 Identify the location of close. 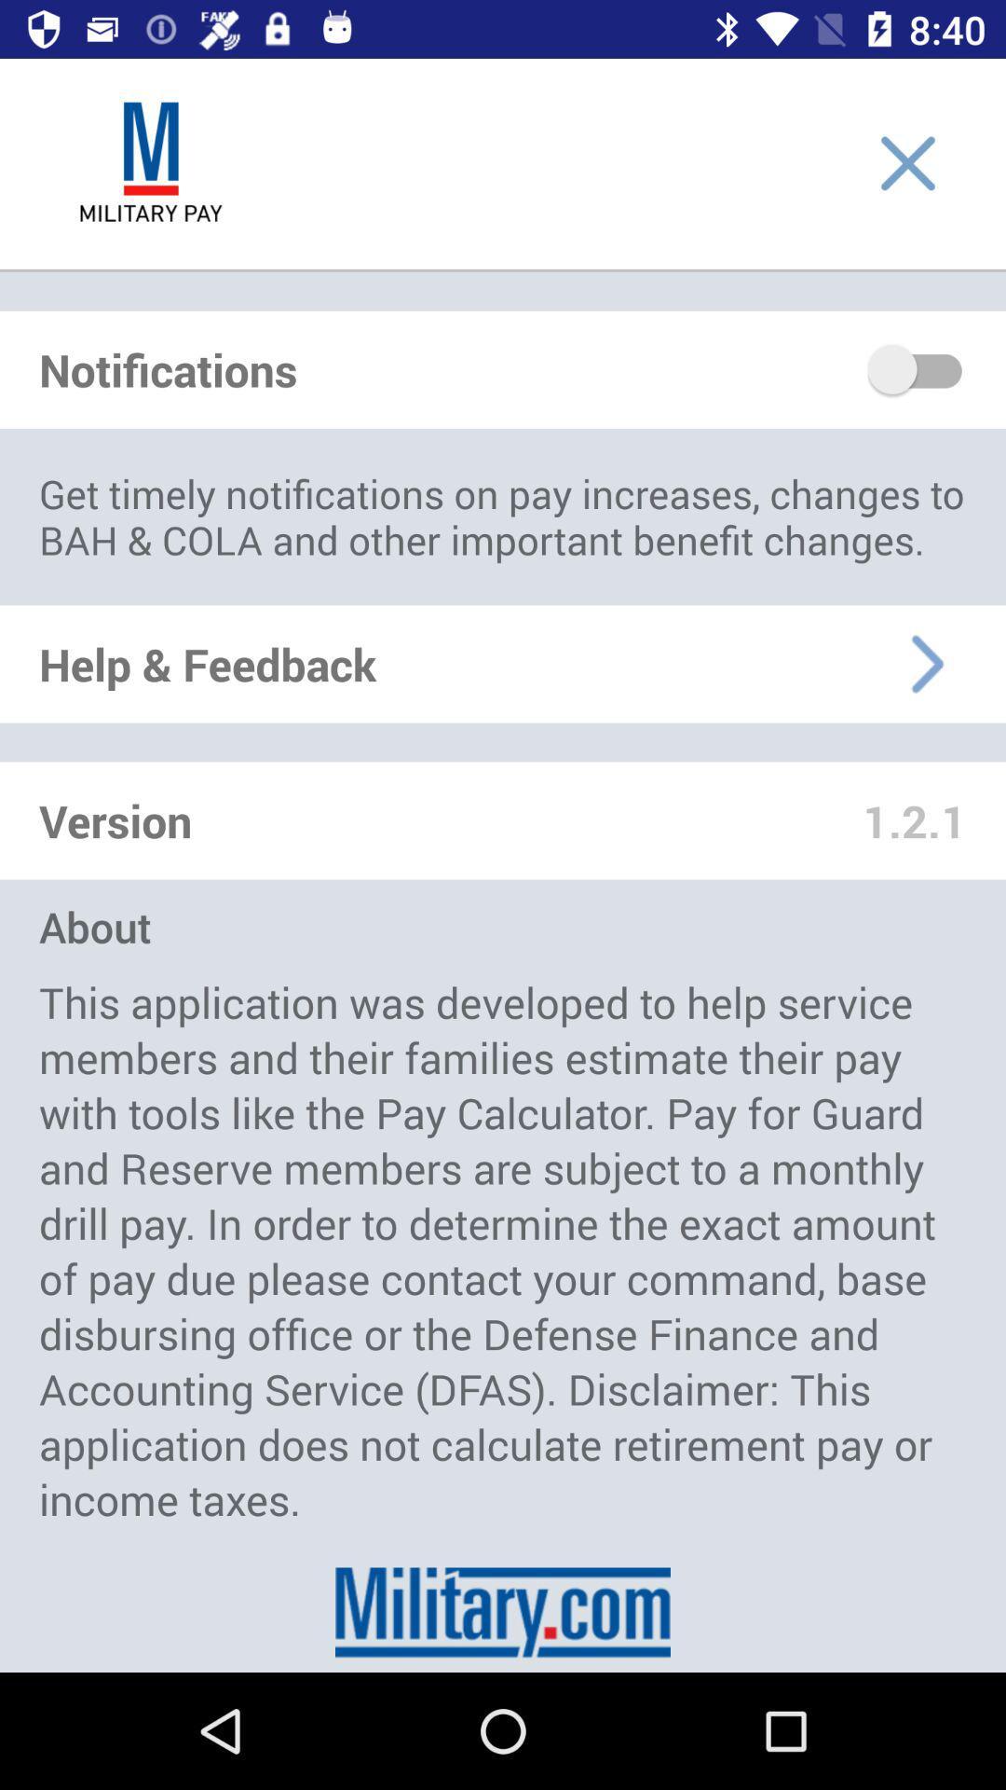
(907, 163).